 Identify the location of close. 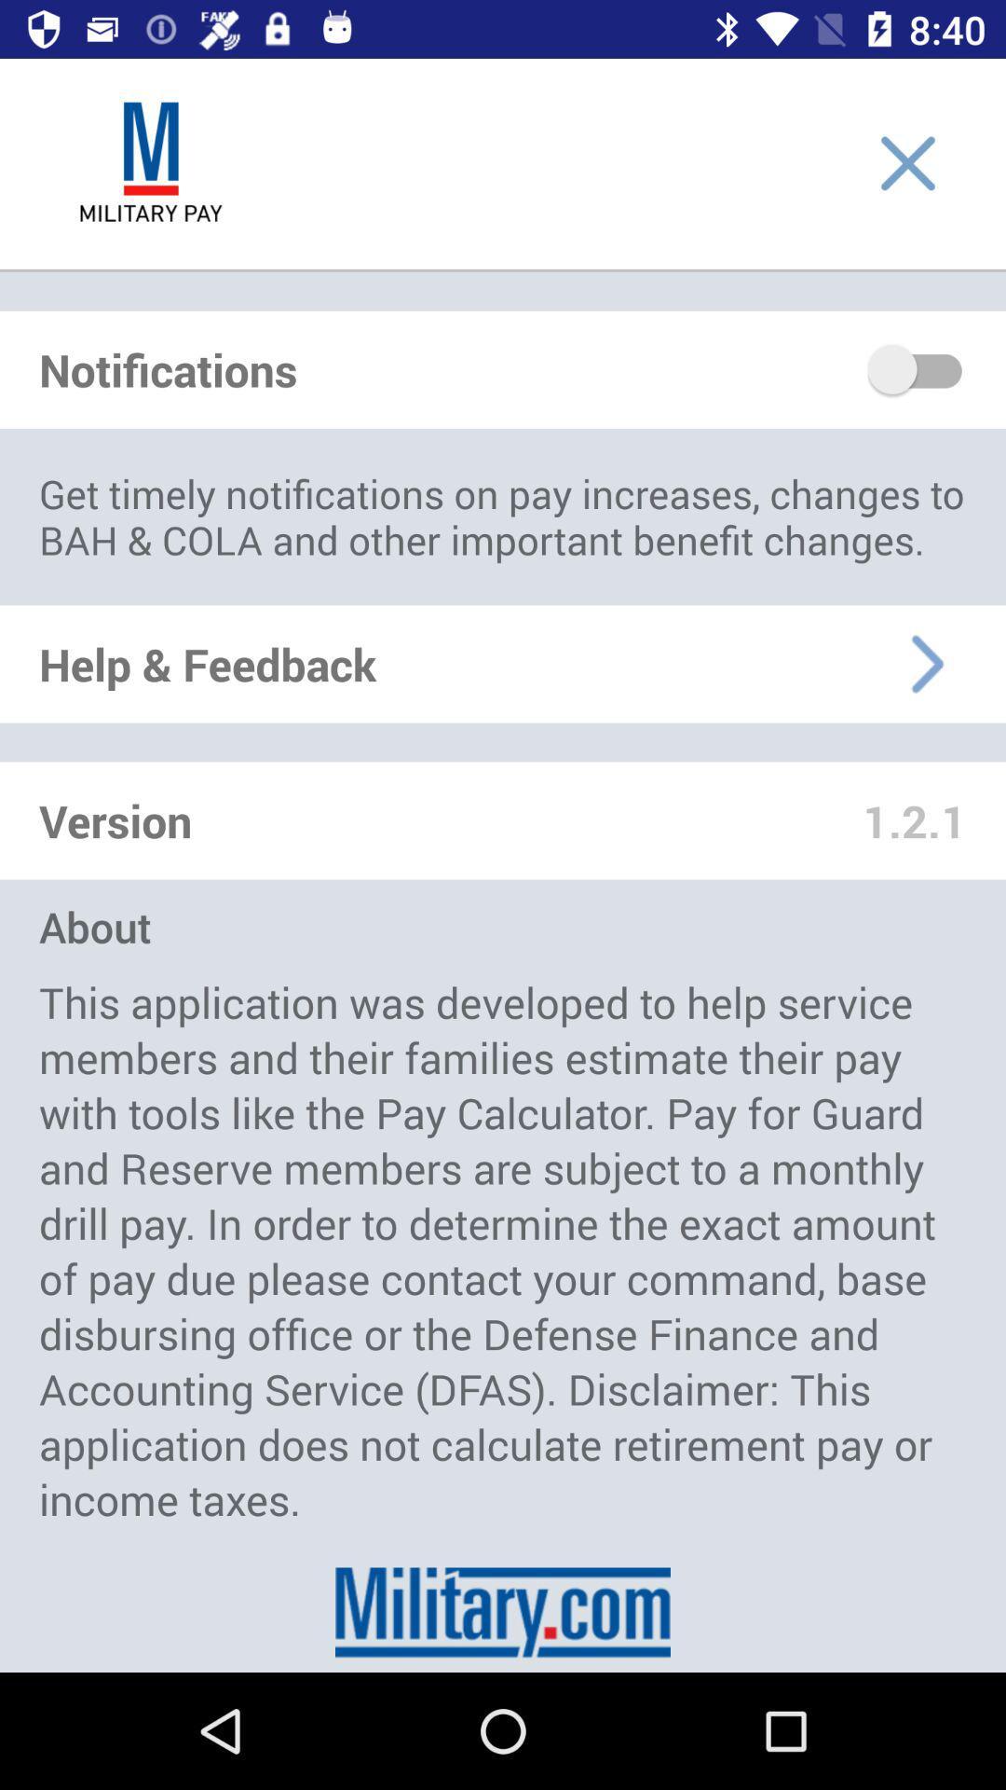
(907, 163).